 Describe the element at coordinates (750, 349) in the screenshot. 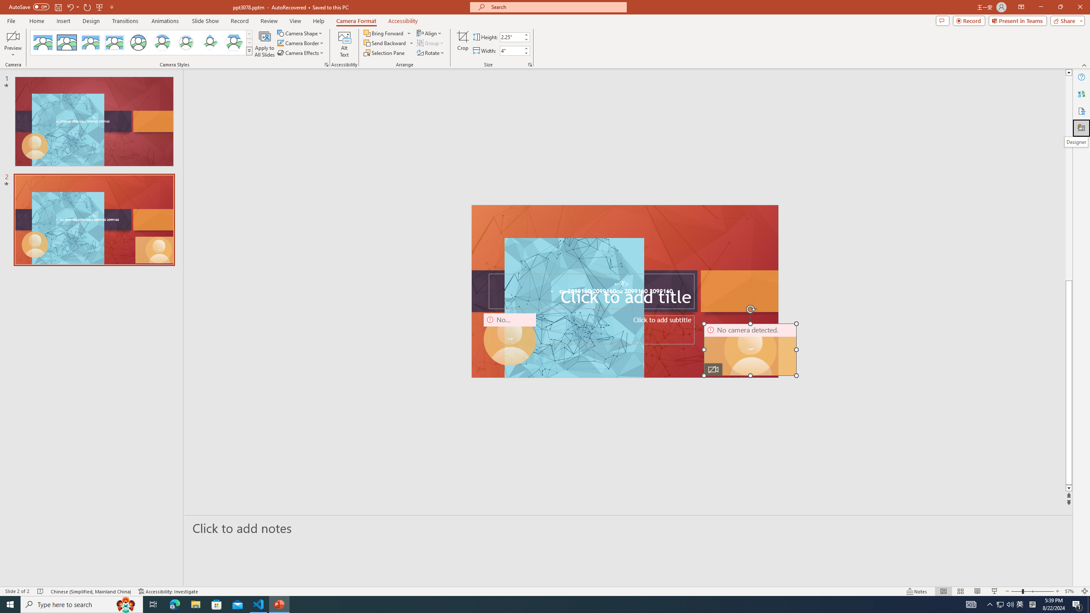

I see `'Camera 11, No camera detected.'` at that location.